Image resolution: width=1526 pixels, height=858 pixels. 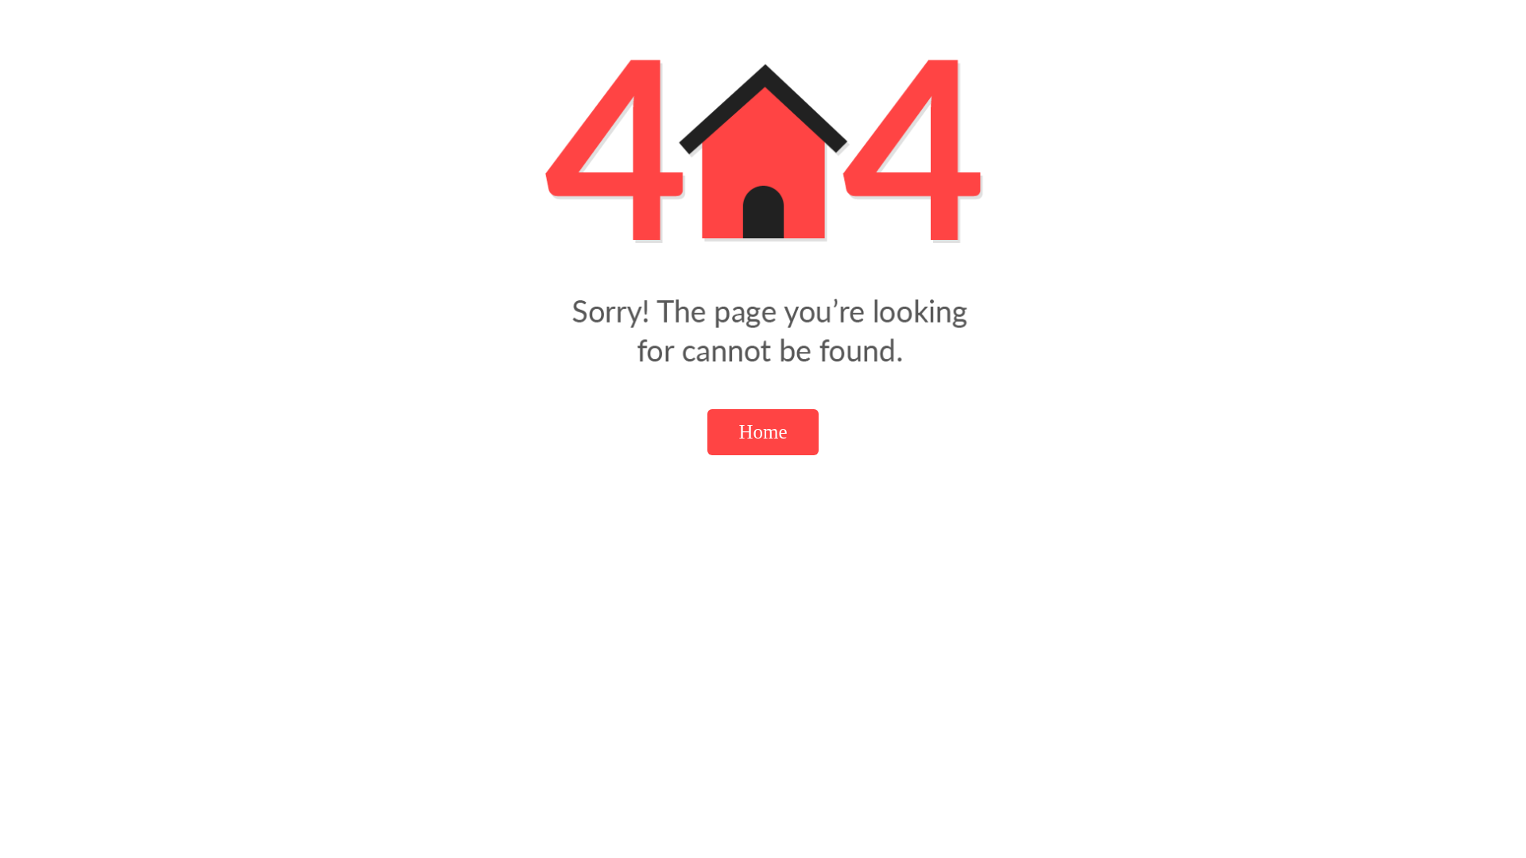 I want to click on 'Home', so click(x=763, y=431).